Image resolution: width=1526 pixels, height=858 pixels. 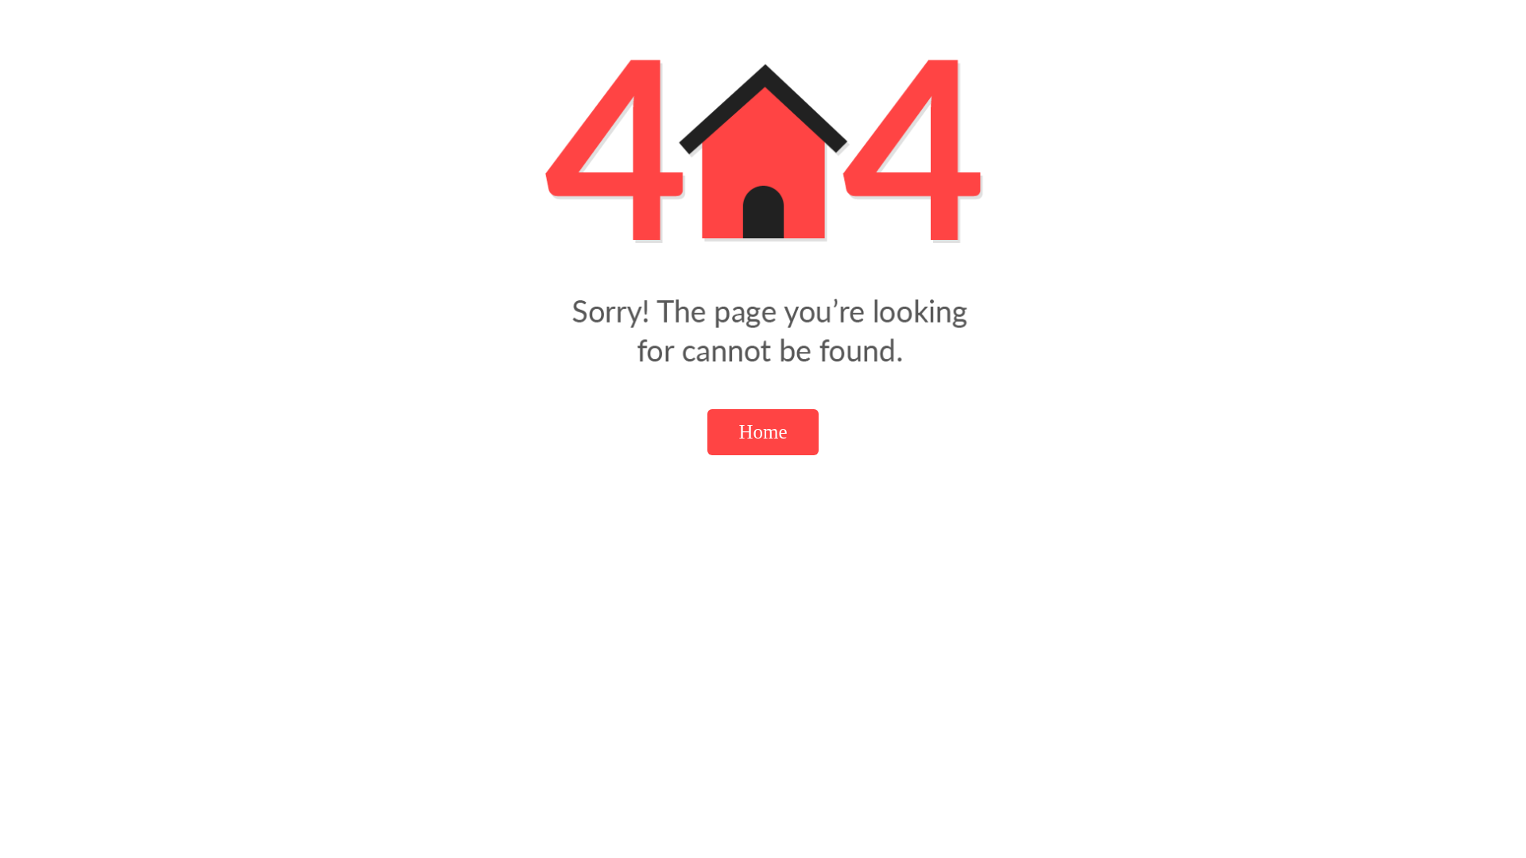 I want to click on 'Home', so click(x=763, y=431).